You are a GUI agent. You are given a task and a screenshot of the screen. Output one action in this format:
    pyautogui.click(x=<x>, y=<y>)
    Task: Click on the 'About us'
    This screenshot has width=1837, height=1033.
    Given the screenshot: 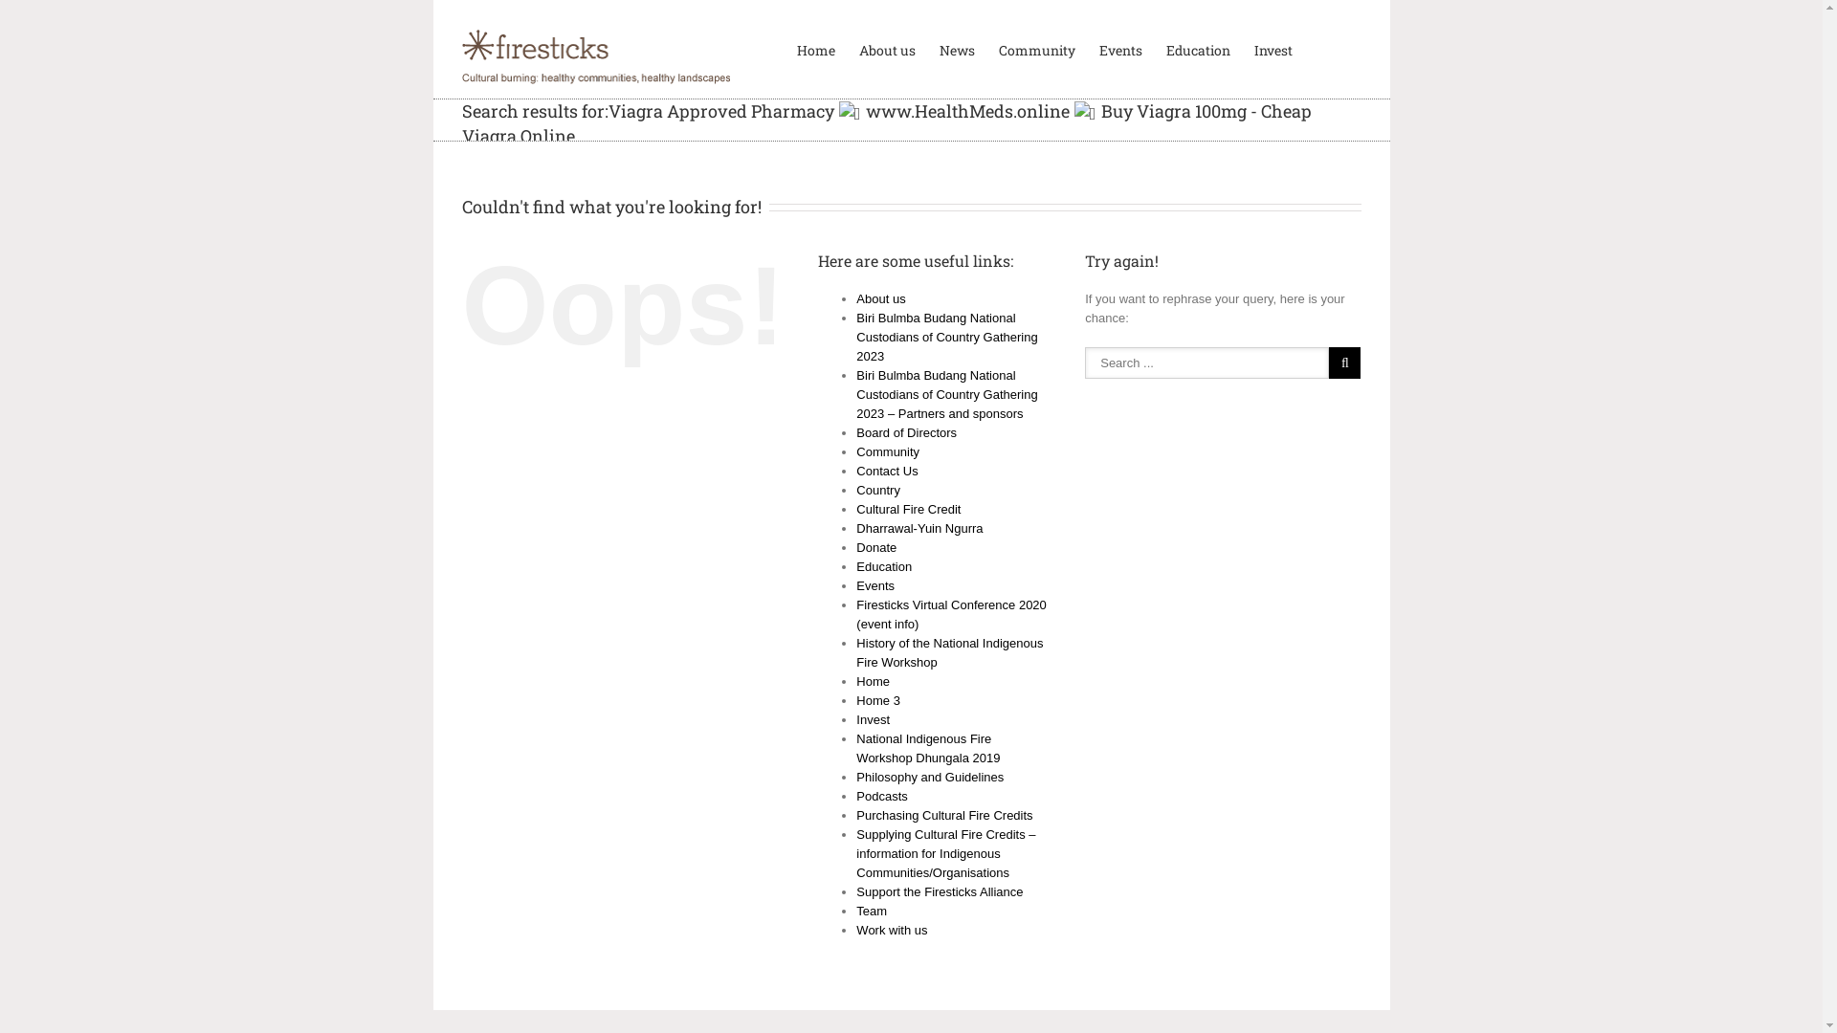 What is the action you would take?
    pyautogui.click(x=879, y=298)
    